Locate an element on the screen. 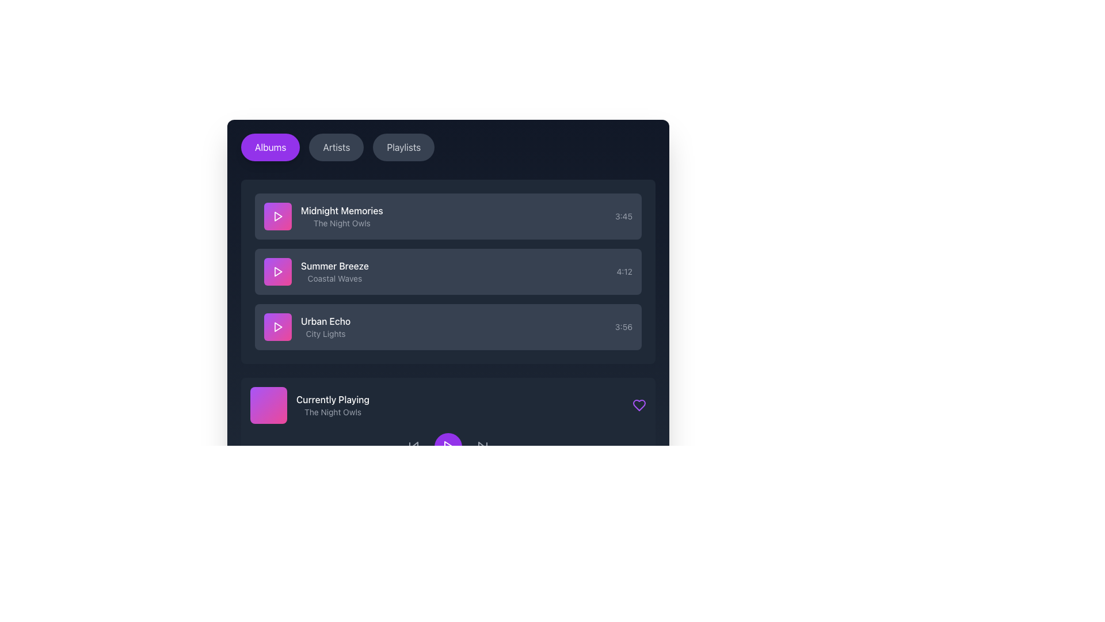 The height and width of the screenshot is (622, 1105). the text label displaying 'Summer Breeze' which is styled in white on a dark background, part of a vertical list of items is located at coordinates (334, 266).